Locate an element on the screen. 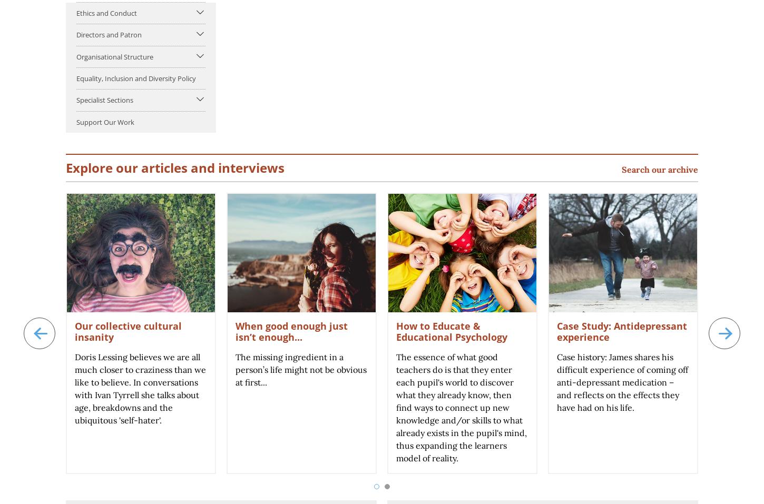 The height and width of the screenshot is (504, 764). 'Search our archive' is located at coordinates (621, 169).